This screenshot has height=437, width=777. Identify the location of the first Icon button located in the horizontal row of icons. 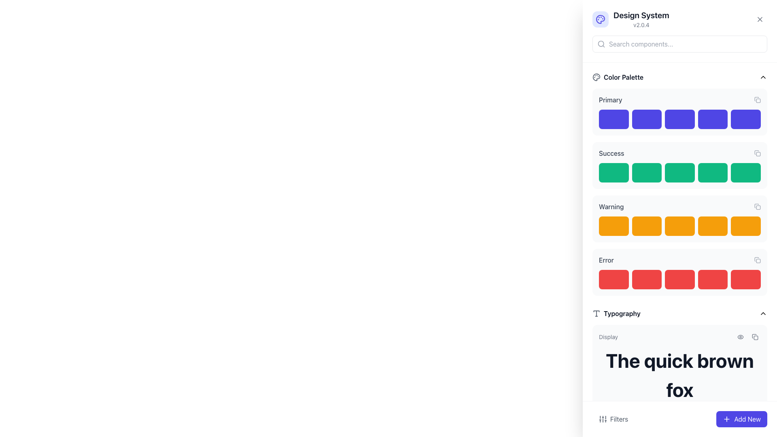
(740, 337).